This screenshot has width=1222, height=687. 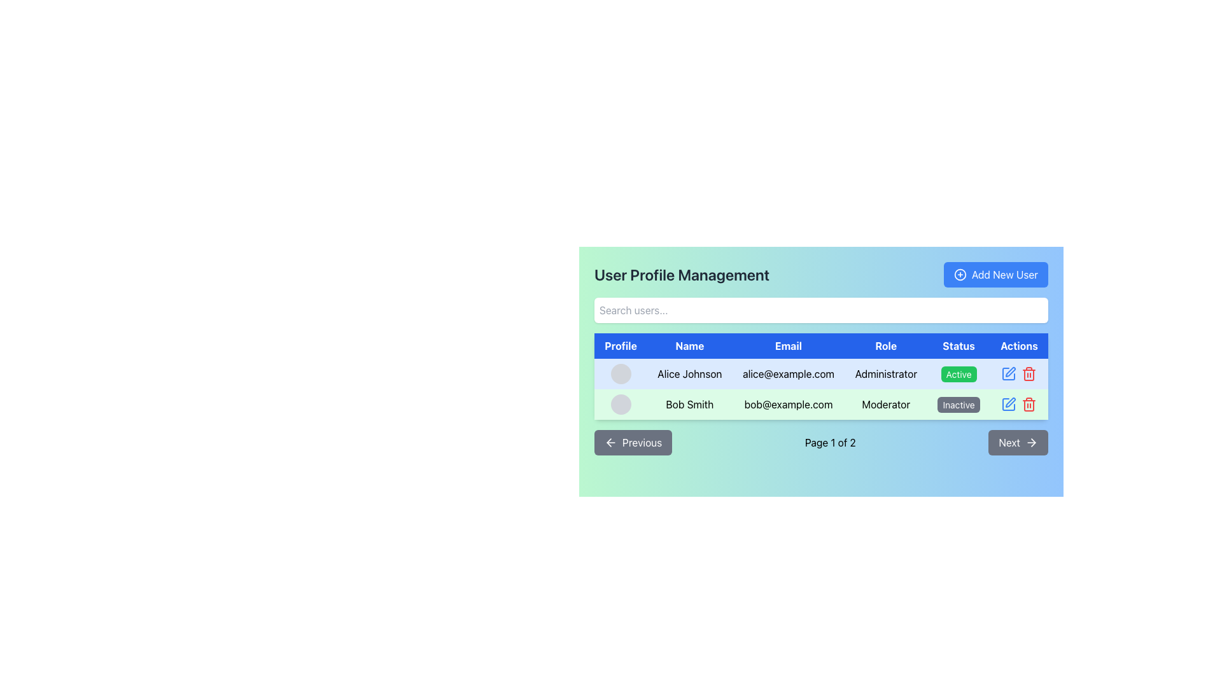 I want to click on the small left-pointing arrow icon within the 'Previous' button located at the bottom-left of the user profile management area, so click(x=608, y=441).